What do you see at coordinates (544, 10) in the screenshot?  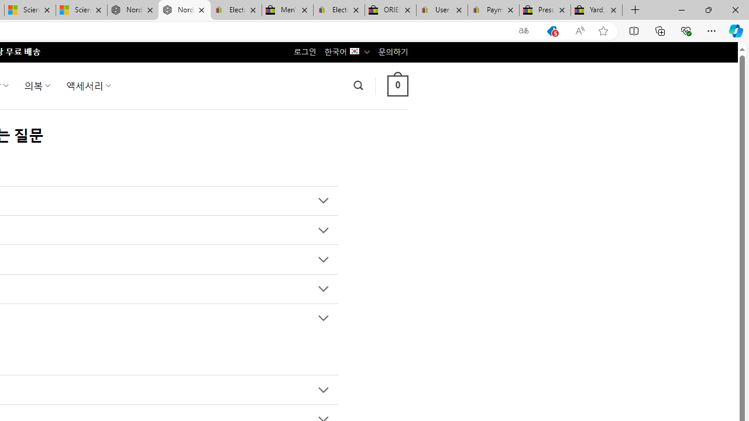 I see `'Press Room - eBay Inc.'` at bounding box center [544, 10].